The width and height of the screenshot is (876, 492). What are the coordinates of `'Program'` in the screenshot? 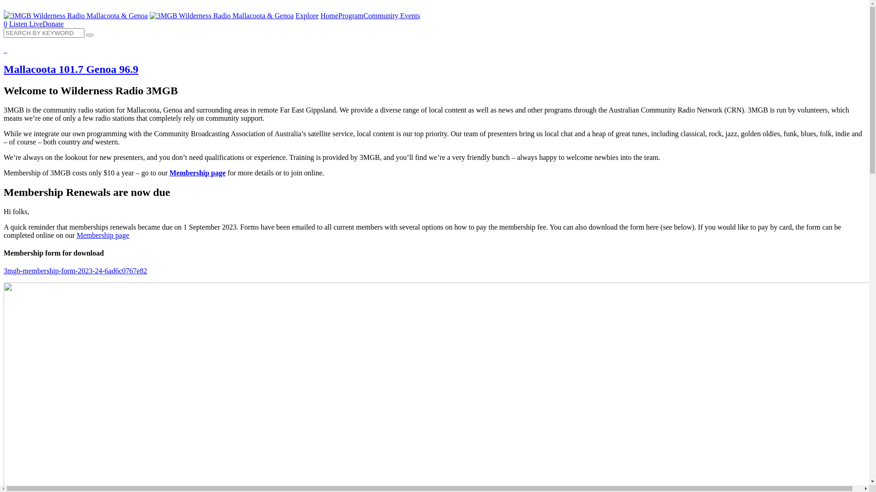 It's located at (350, 15).